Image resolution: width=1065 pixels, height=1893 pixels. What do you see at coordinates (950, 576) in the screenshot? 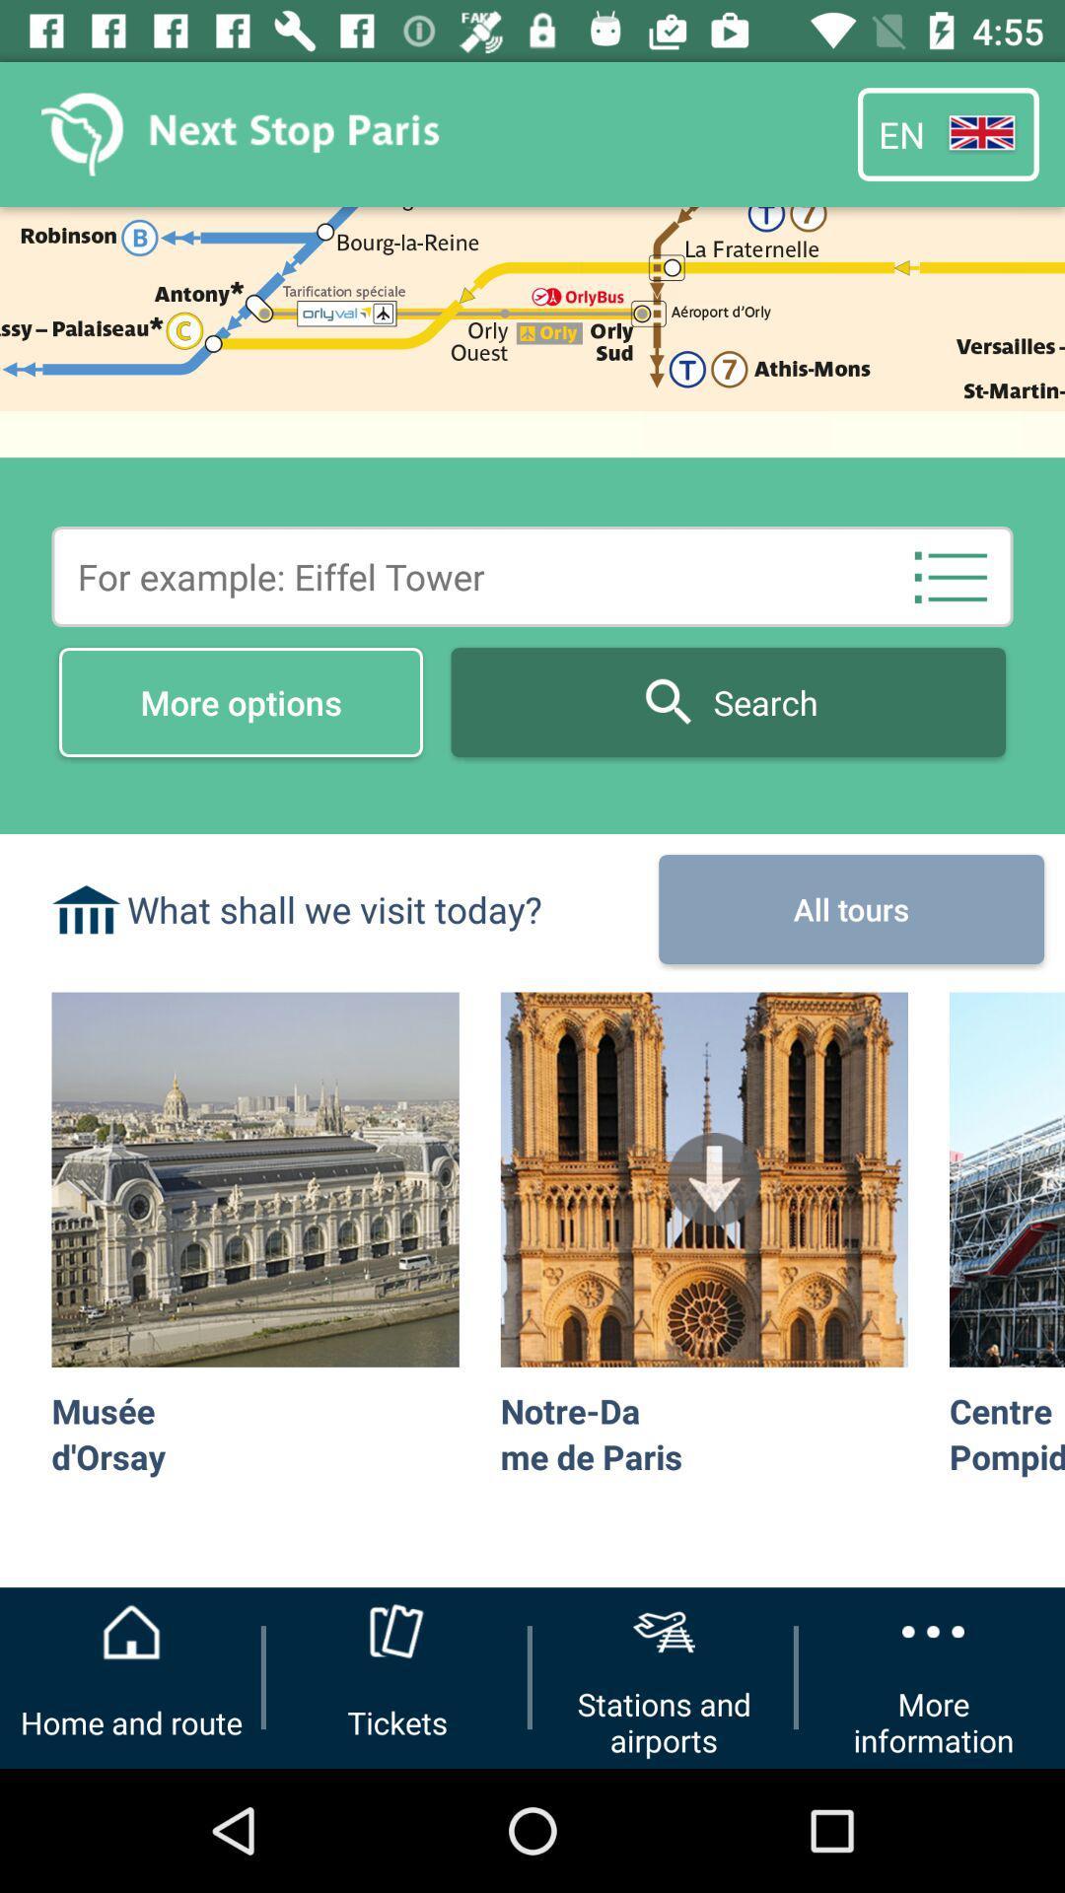
I see `the item above the all tours icon` at bounding box center [950, 576].